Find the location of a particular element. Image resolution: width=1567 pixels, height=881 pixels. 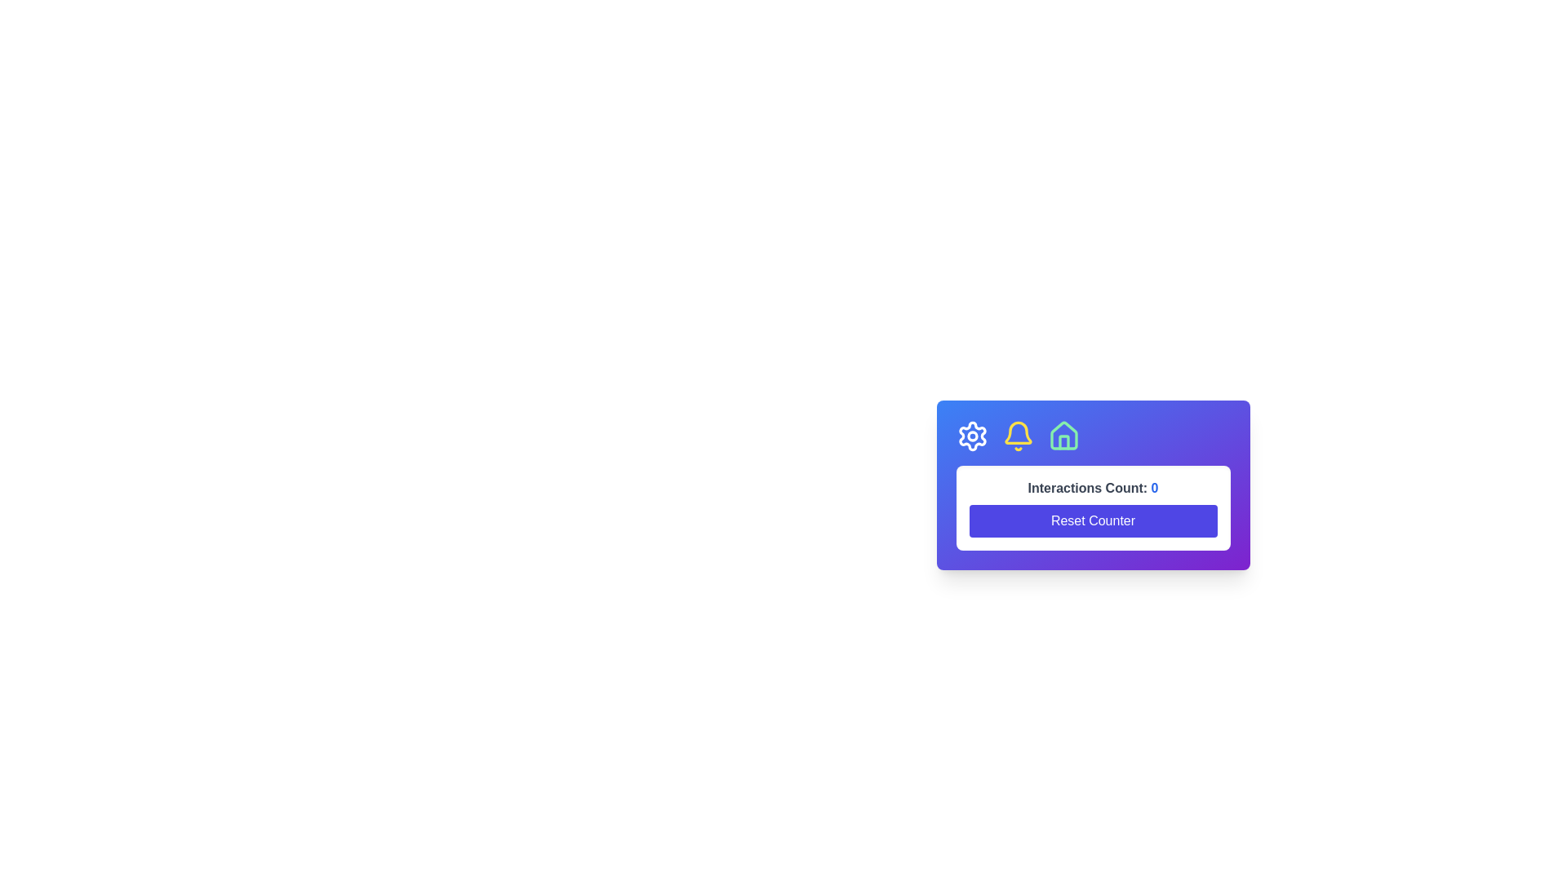

the gear icon with a blue background and a white center located at the top-left of a group of icons is located at coordinates (972, 436).